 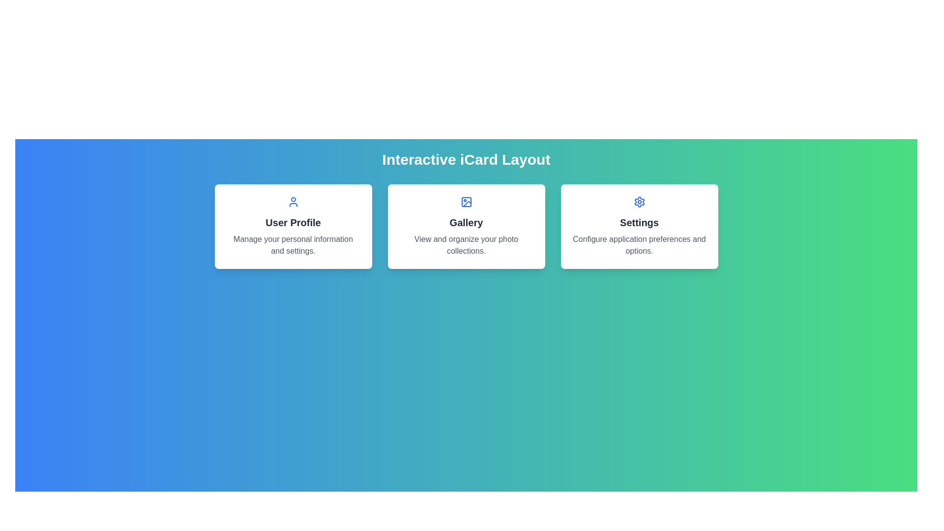 I want to click on the Decorative icon that symbolizes a user or profile, located at the top of the 'User Profile' card, so click(x=293, y=202).